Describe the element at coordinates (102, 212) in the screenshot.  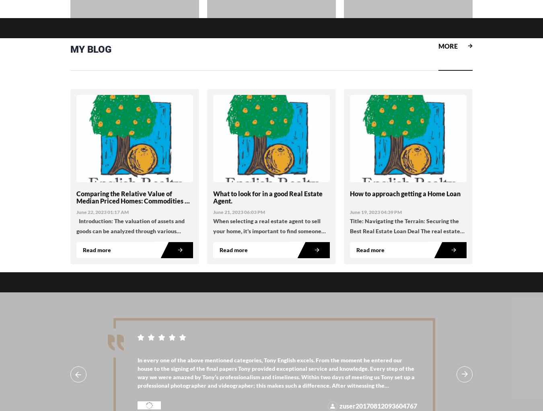
I see `'June 22, 2023 01:17 AM'` at that location.